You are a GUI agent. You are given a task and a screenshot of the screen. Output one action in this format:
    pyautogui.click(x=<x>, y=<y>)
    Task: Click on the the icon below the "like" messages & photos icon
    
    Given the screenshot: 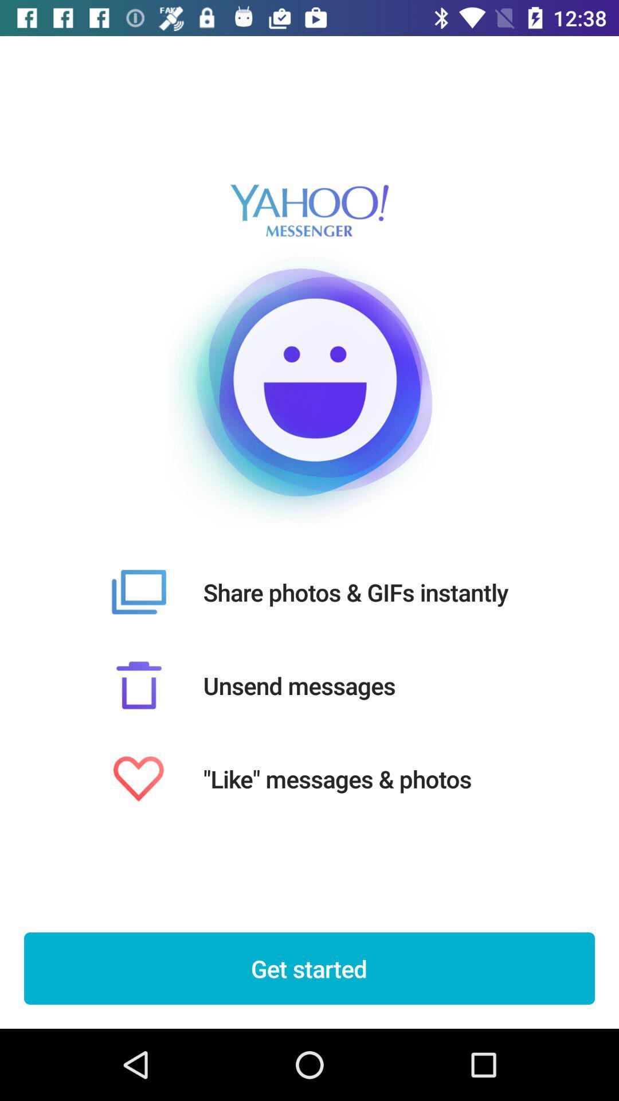 What is the action you would take?
    pyautogui.click(x=309, y=968)
    